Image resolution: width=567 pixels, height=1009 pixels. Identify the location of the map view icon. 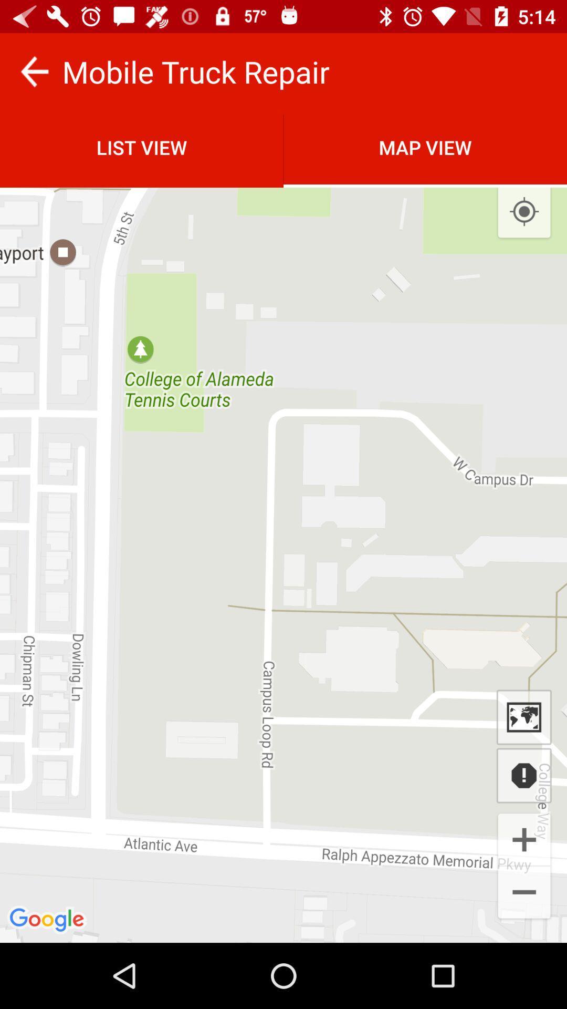
(425, 147).